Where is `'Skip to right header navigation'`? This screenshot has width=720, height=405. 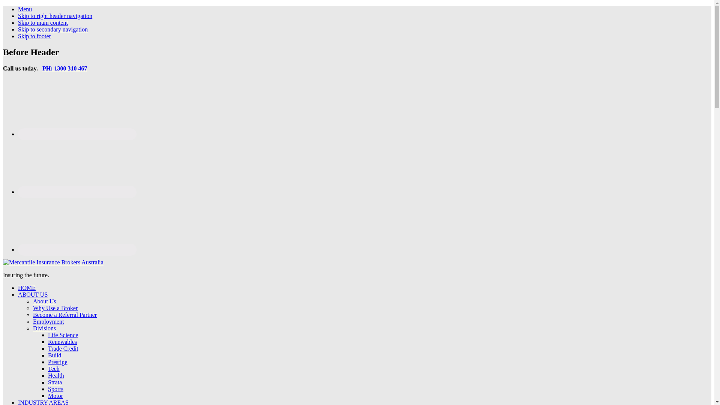 'Skip to right header navigation' is located at coordinates (55, 16).